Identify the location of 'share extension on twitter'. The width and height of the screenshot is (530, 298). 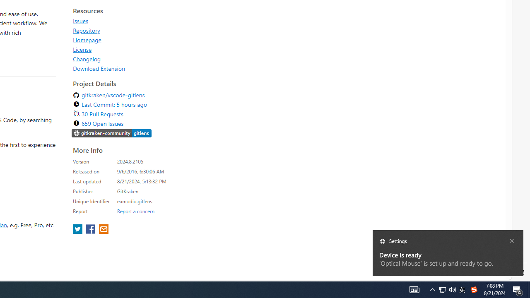
(79, 230).